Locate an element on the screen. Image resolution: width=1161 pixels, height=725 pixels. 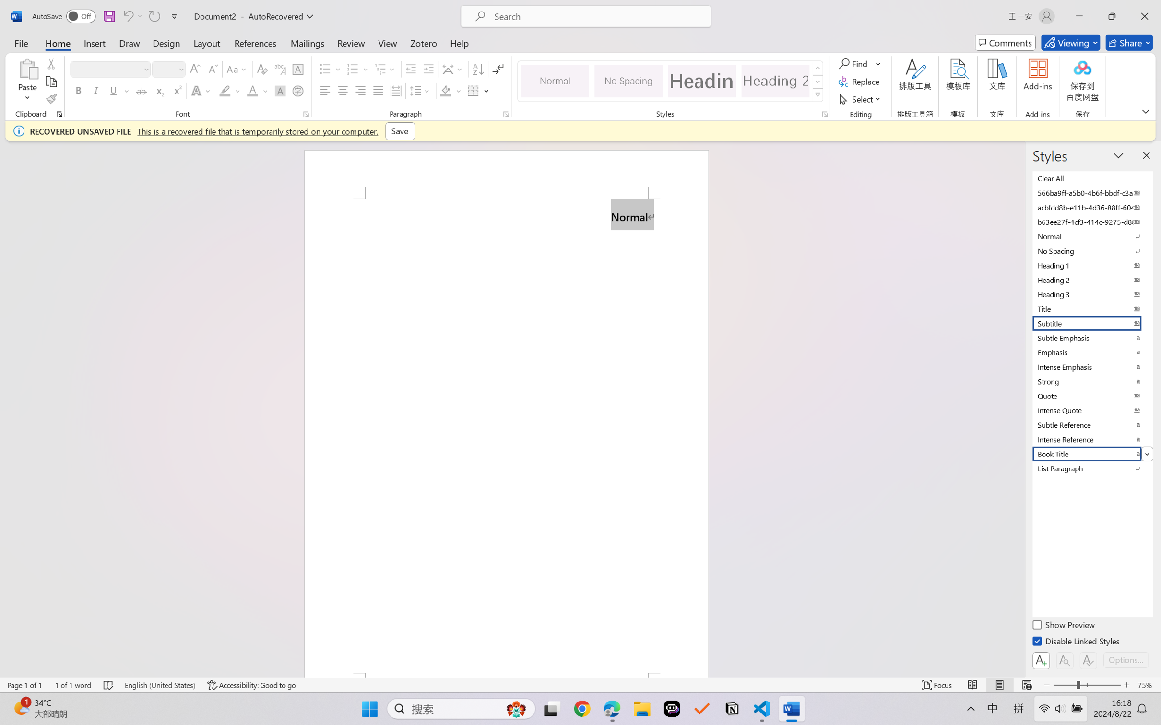
'Clear Formatting' is located at coordinates (261, 69).